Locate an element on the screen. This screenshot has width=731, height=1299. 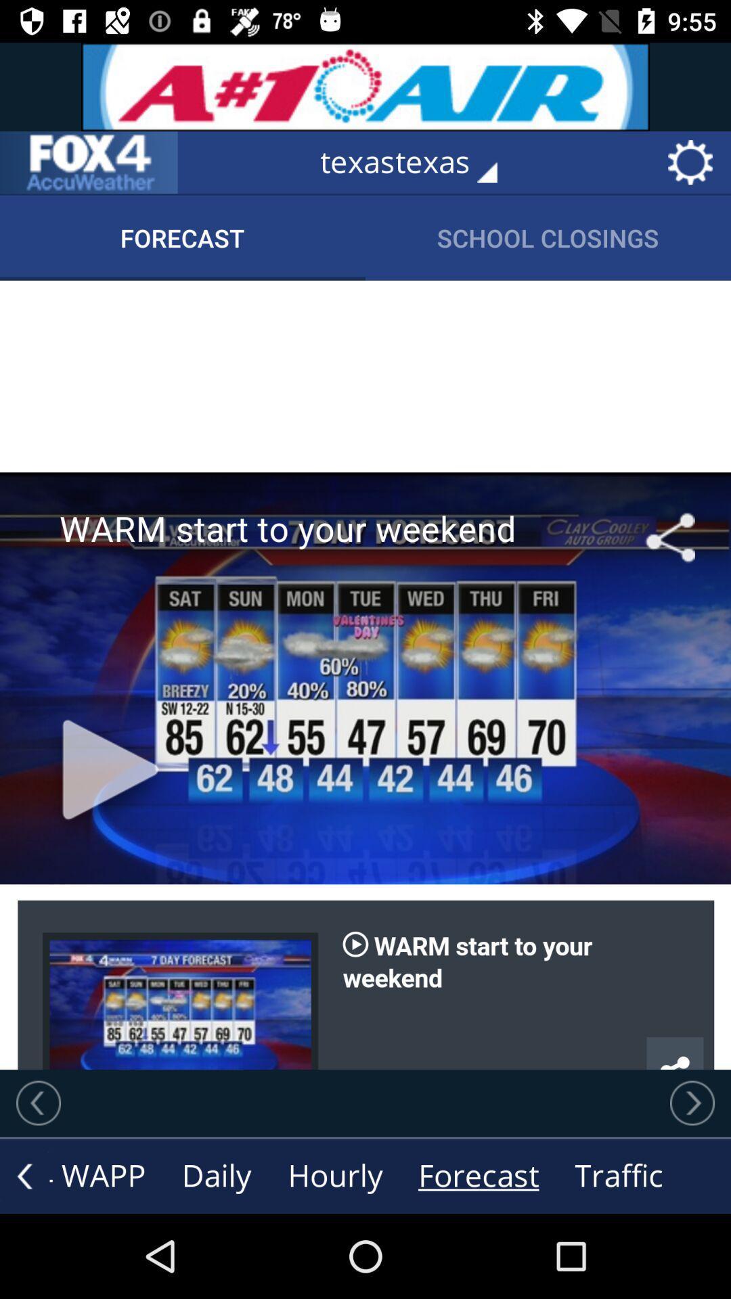
the advertisement on top is located at coordinates (365, 86).